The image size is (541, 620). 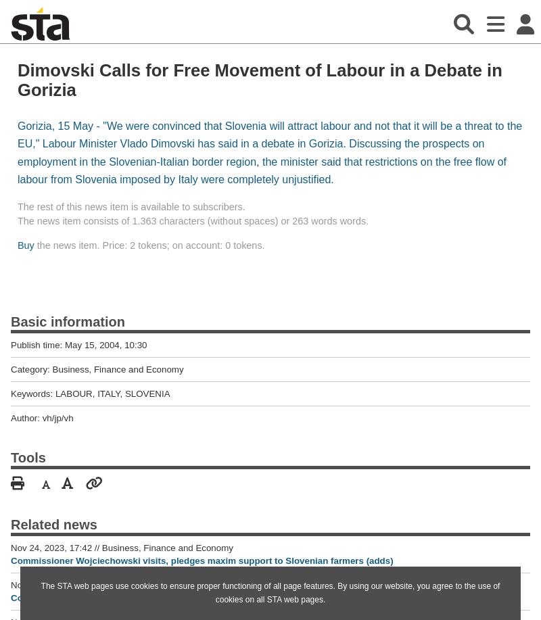 I want to click on 'the news item. Price: 2 tokens; on account: 0 tokens.', so click(x=149, y=245).